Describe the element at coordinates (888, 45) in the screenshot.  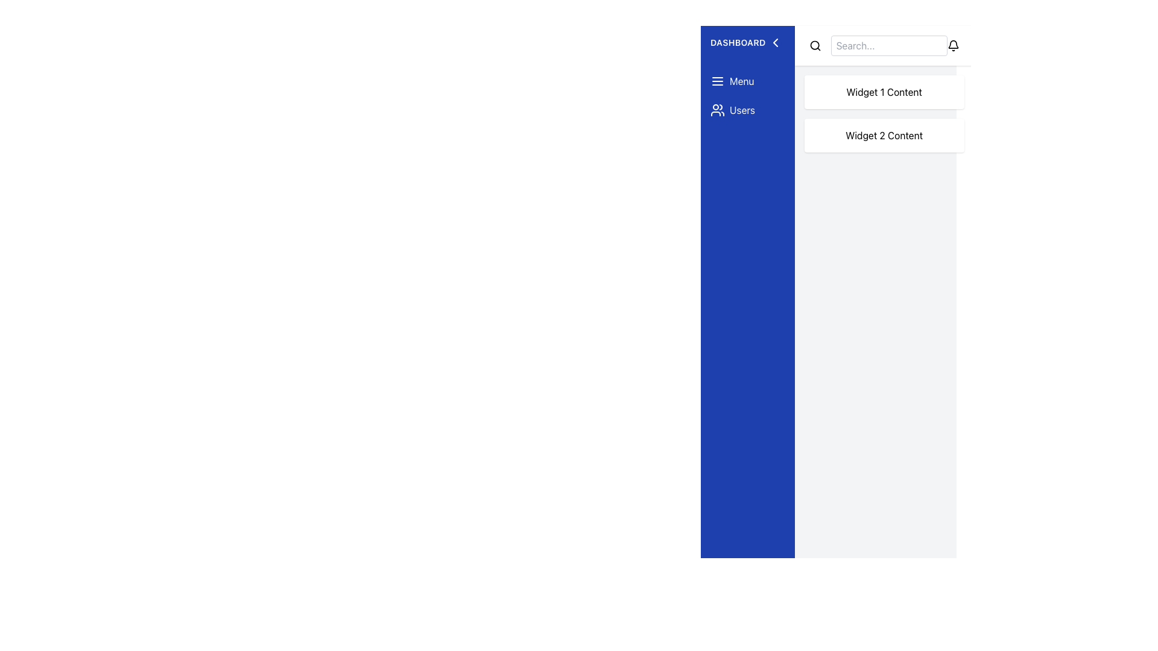
I see `the search bar input field located near the top right corner of the application interface to focus on it` at that location.